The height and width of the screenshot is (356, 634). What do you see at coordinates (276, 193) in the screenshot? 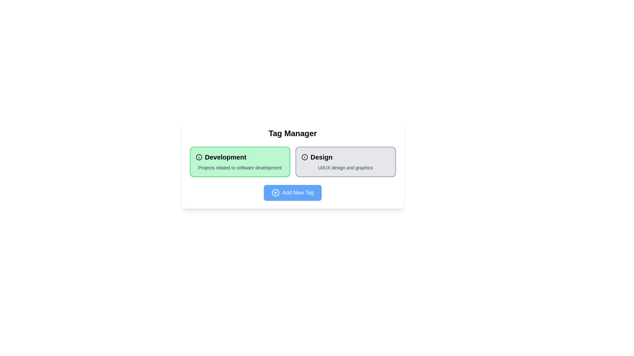
I see `the circular blue icon with a plus sign inside, located to the left of the 'Add New Tag' button` at bounding box center [276, 193].